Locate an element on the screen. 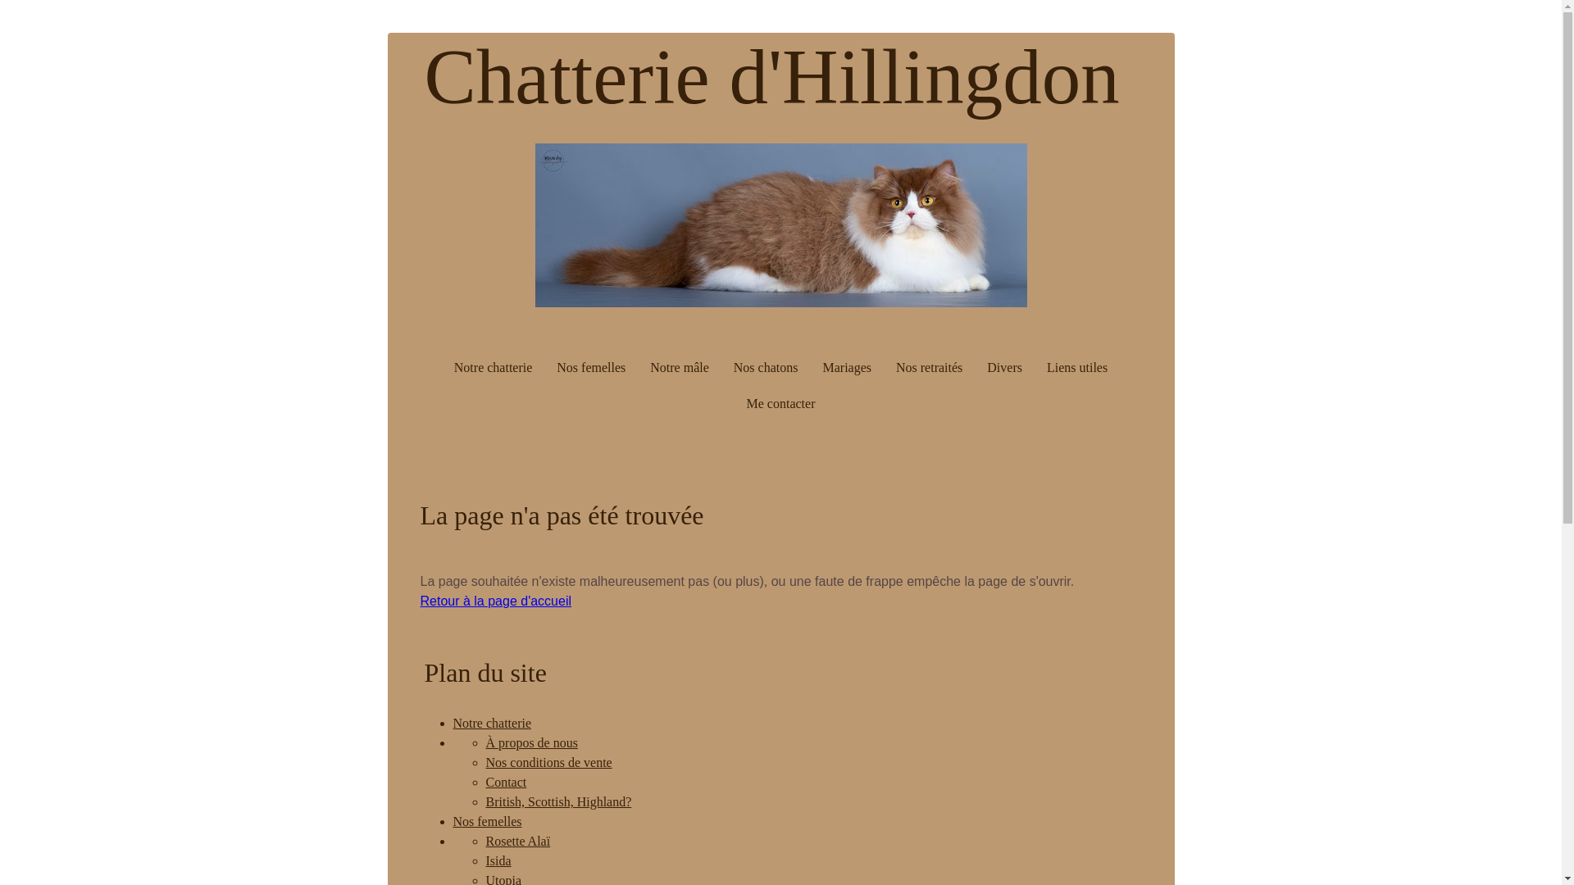 The height and width of the screenshot is (885, 1574). 'Nos femelles' is located at coordinates (590, 366).